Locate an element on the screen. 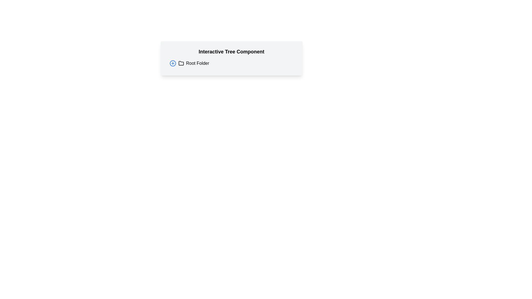 Image resolution: width=532 pixels, height=299 pixels. the blue circular button with a plus sign located to the left of the 'Root Folder' text is located at coordinates (172, 63).